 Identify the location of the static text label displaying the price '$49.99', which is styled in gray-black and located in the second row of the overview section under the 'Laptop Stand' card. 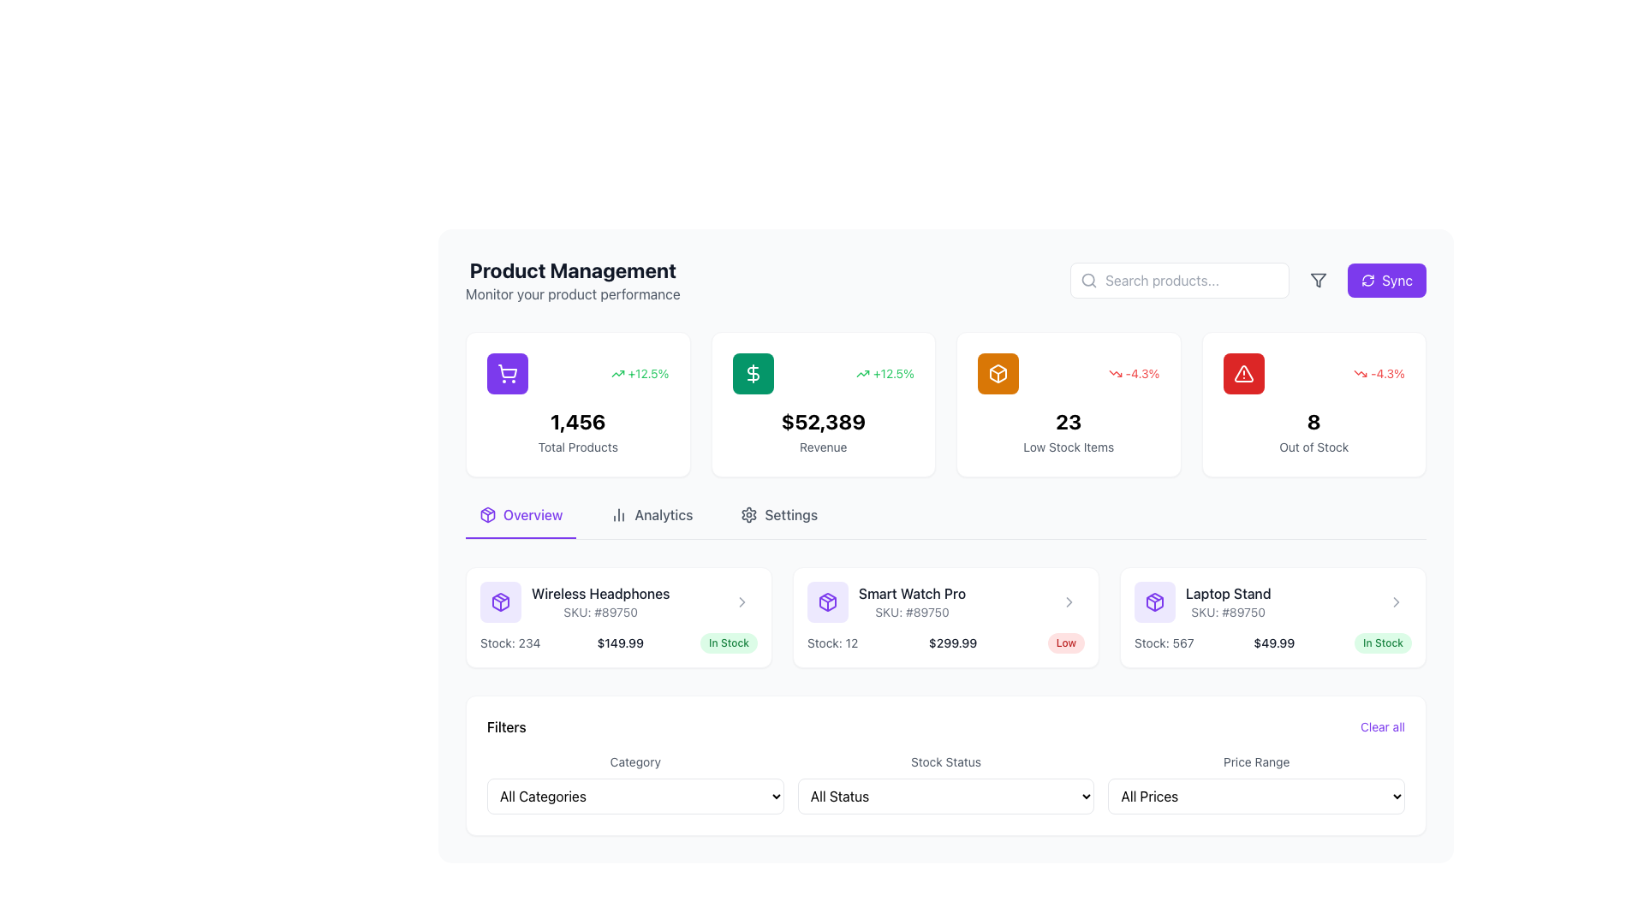
(1274, 643).